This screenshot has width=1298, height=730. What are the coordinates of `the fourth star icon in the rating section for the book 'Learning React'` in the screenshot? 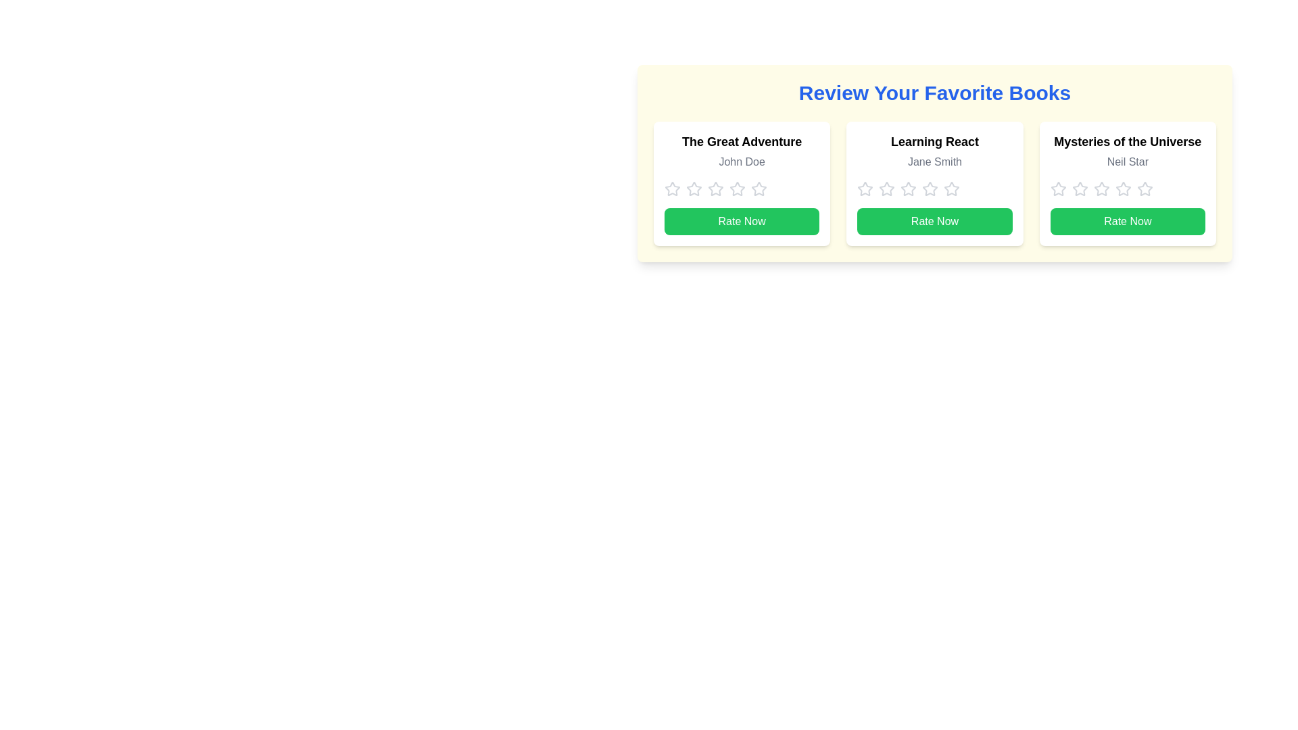 It's located at (951, 189).